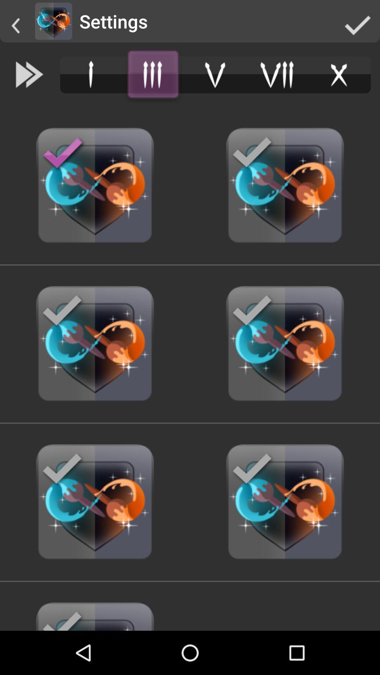 The height and width of the screenshot is (675, 380). I want to click on the av_forward icon, so click(29, 75).